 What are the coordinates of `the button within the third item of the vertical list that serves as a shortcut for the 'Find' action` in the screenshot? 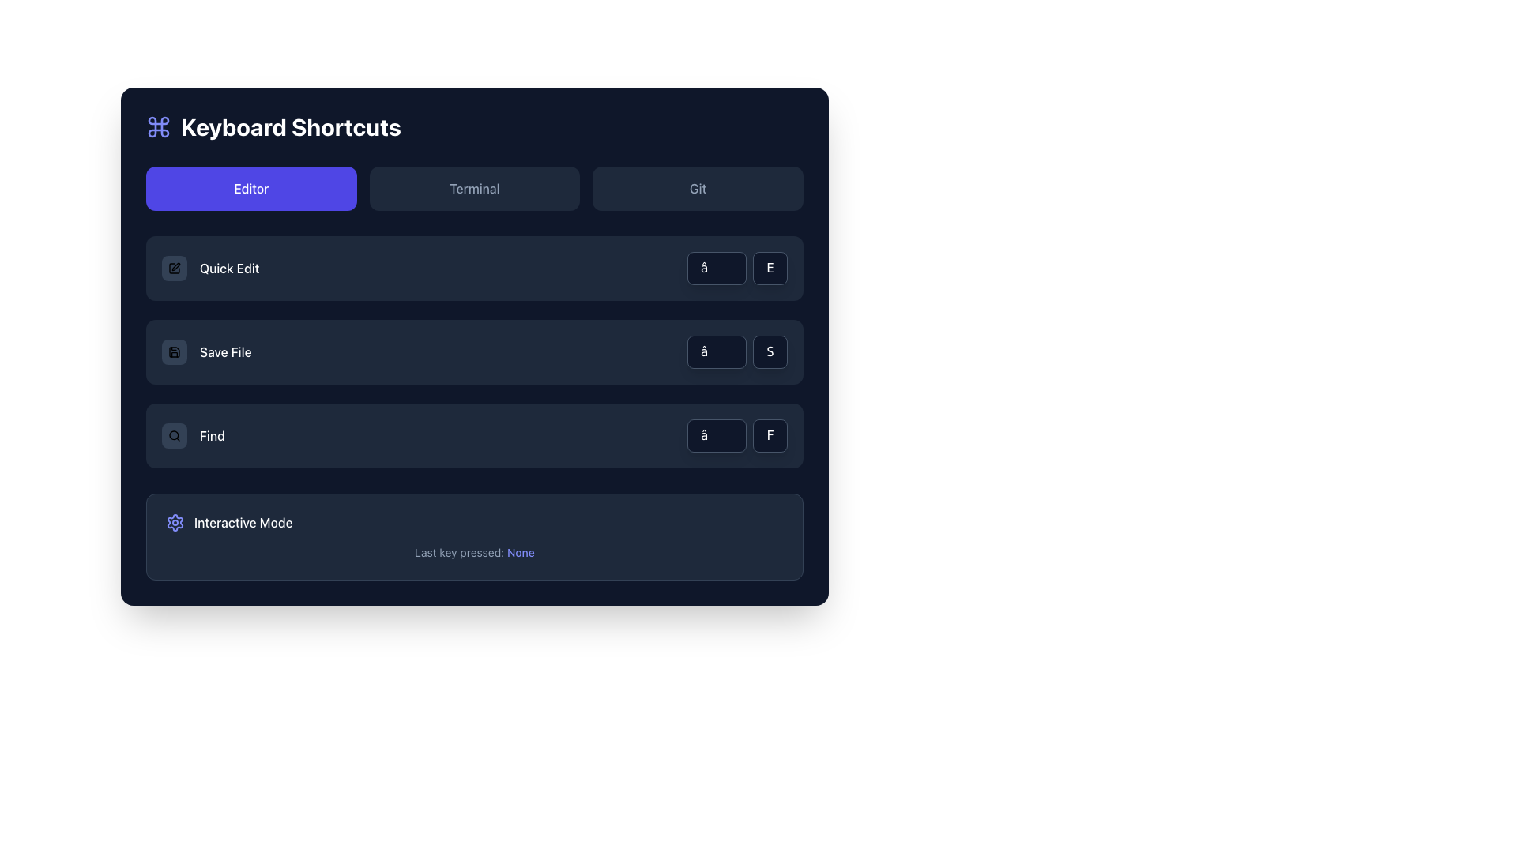 It's located at (473, 435).